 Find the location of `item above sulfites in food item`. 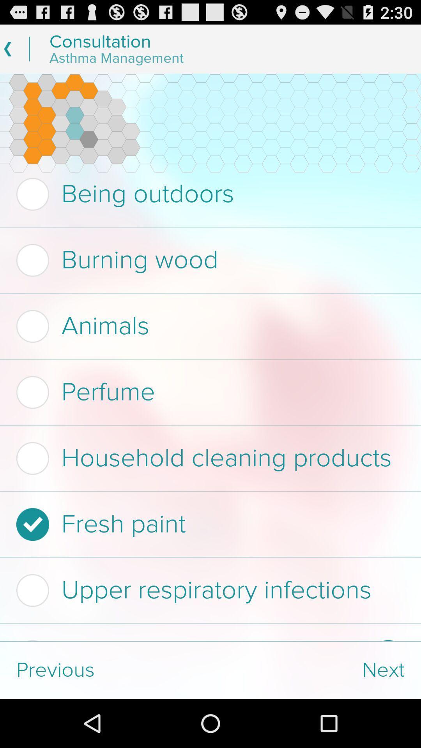

item above sulfites in food item is located at coordinates (208, 590).